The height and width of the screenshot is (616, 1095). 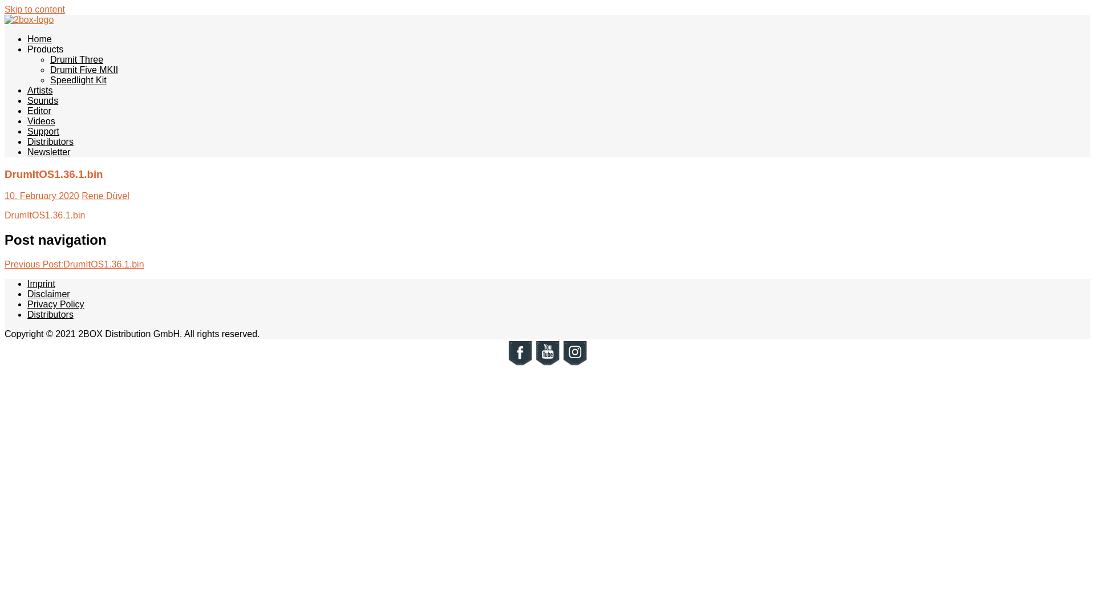 What do you see at coordinates (520, 363) in the screenshot?
I see `'Visit Us On Facebook'` at bounding box center [520, 363].